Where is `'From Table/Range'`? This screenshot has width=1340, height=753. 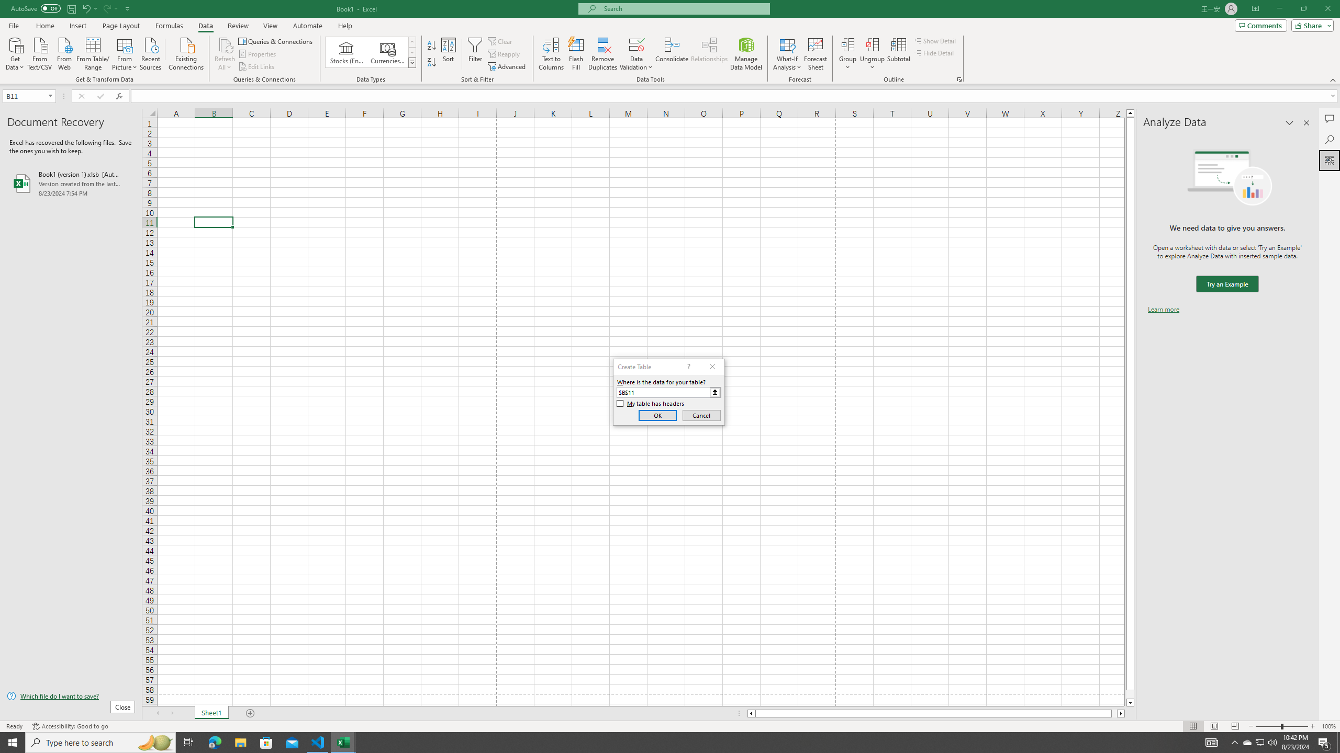
'From Table/Range' is located at coordinates (92, 52).